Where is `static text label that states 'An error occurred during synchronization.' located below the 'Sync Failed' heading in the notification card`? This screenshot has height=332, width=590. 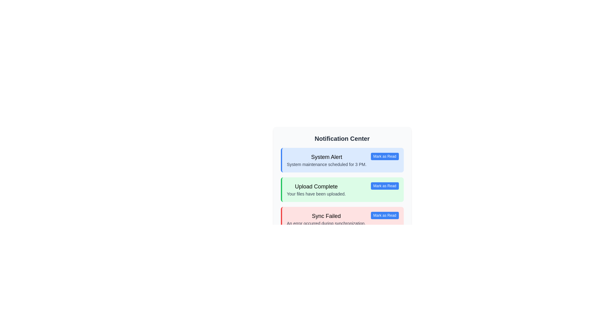 static text label that states 'An error occurred during synchronization.' located below the 'Sync Failed' heading in the notification card is located at coordinates (326, 223).